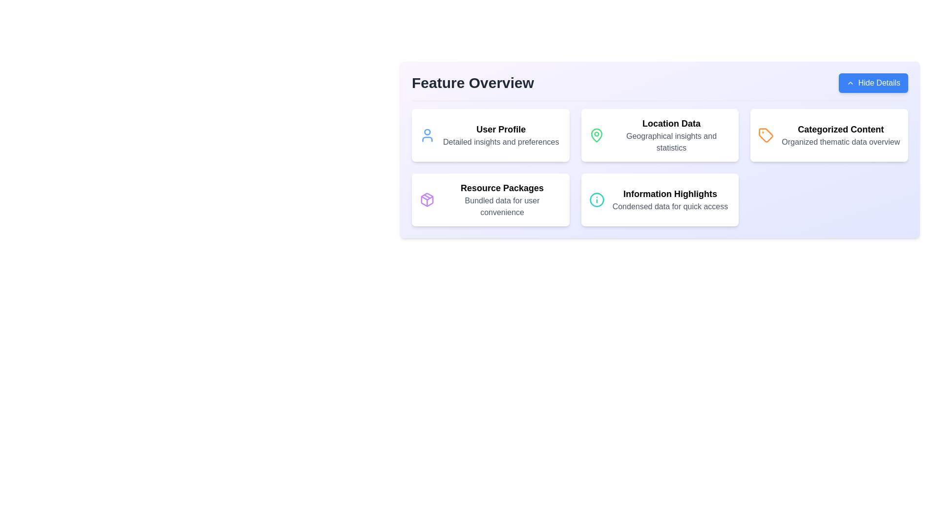 This screenshot has height=528, width=938. Describe the element at coordinates (427, 199) in the screenshot. I see `the illustrative cube-like icon outlined in purple within the 'Resource Packages' card located in the bottom-left corner of the feature overview section` at that location.